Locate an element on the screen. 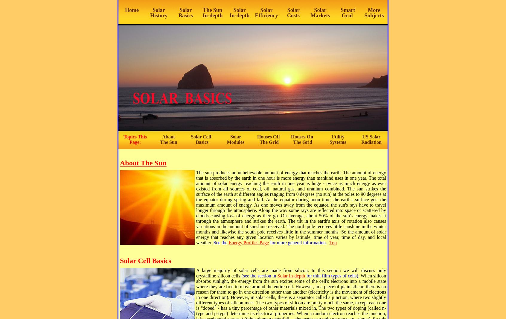 The image size is (506, 319). 'for thin film types of cells).' is located at coordinates (333, 276).